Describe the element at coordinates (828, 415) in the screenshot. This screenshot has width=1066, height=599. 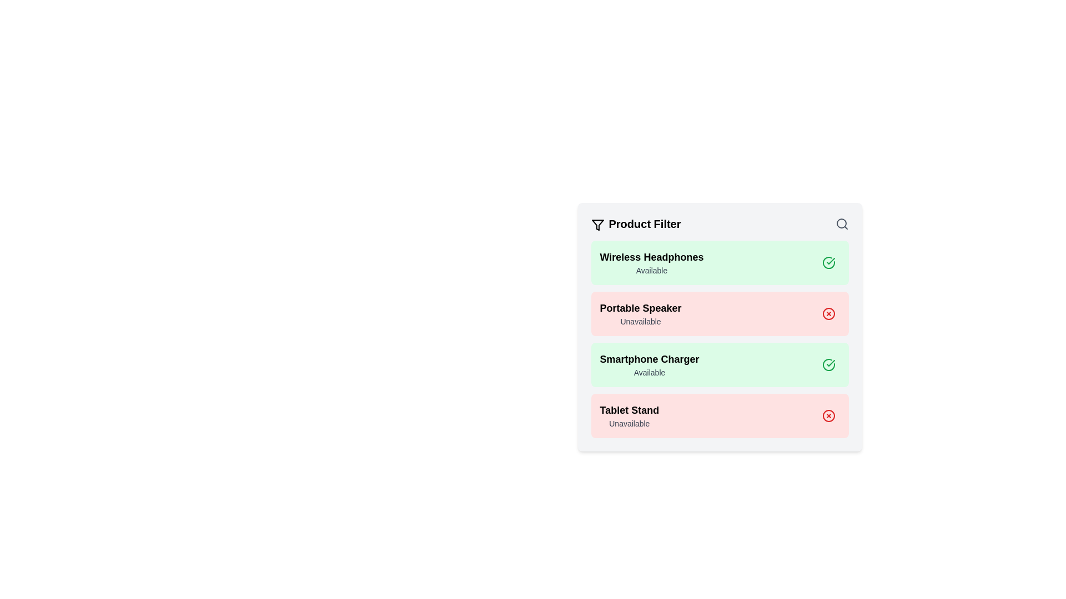
I see `the button located at the far right of the row labeled 'Tablet Stand Unavailable'` at that location.